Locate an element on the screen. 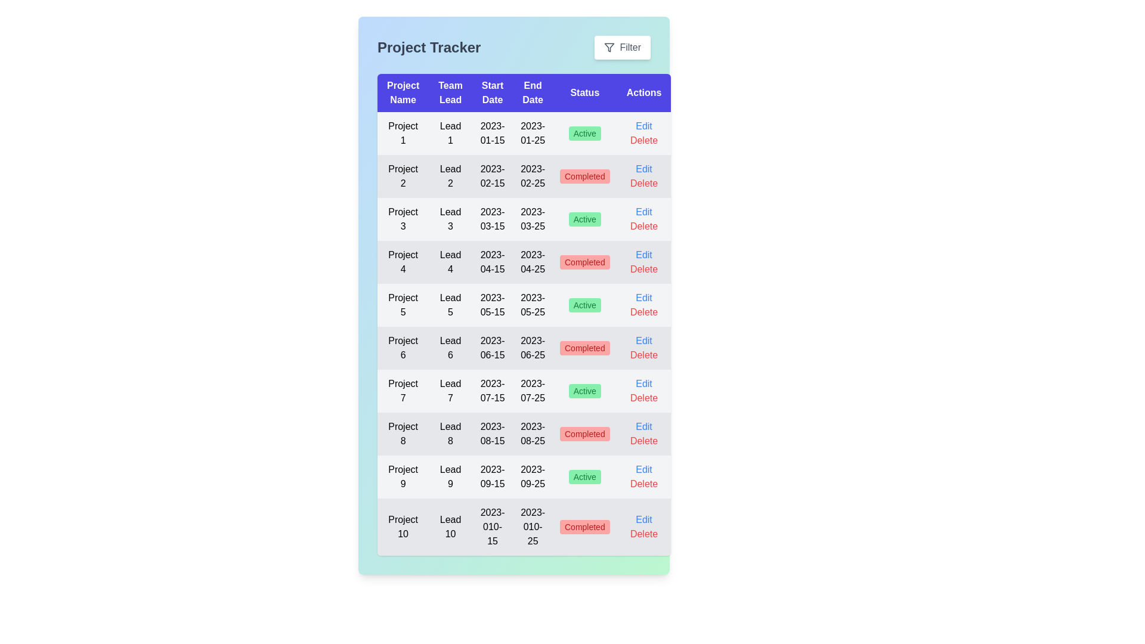 The width and height of the screenshot is (1145, 644). the column header corresponding to Team Lead to sort by that column is located at coordinates (450, 92).